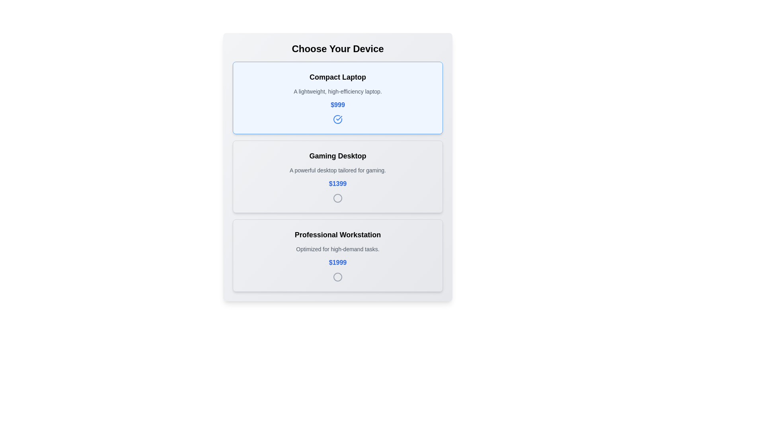  I want to click on the checkmark graphic indicating the selected state for the 'Compact Laptop' option located at the bottom right corner of the selection card beneath the price text '$999', so click(339, 118).